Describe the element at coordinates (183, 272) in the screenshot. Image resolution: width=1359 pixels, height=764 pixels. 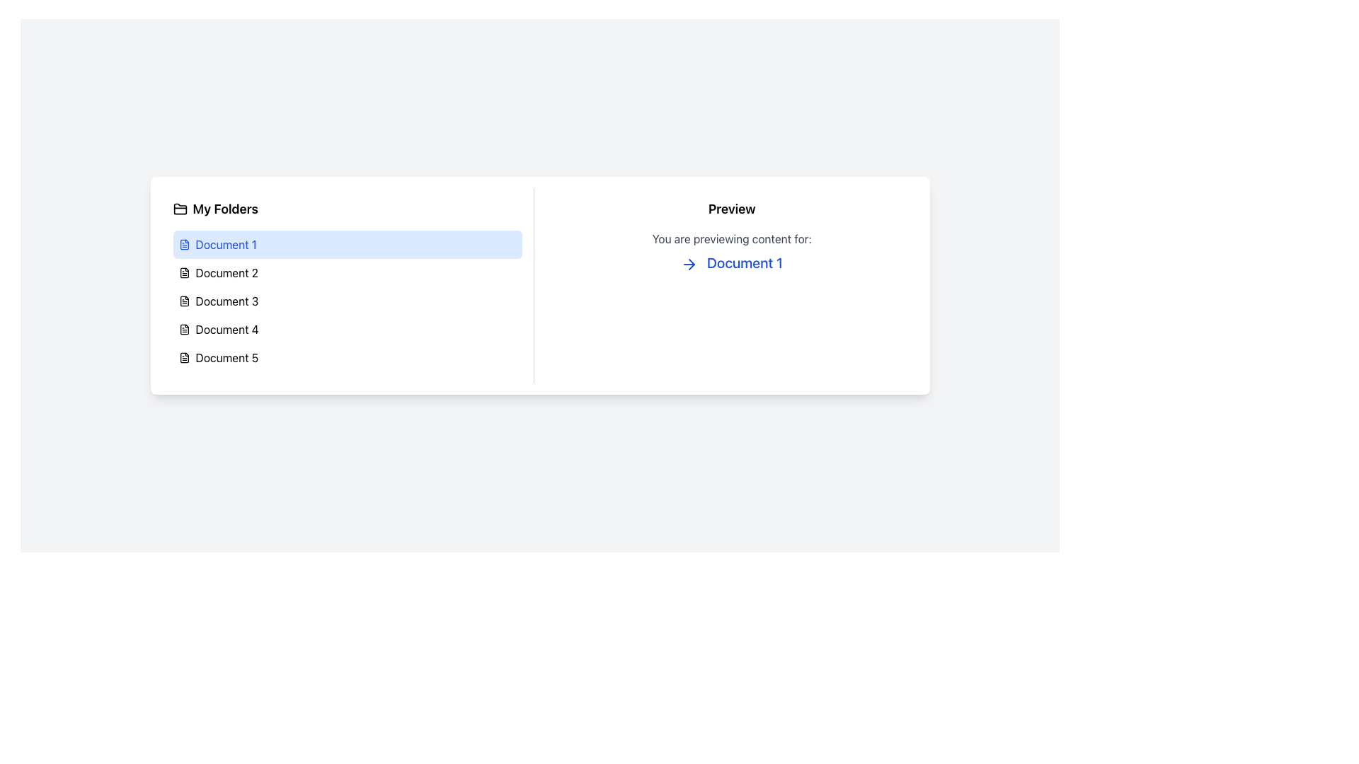
I see `the file/document icon located to the immediate left of the label 'Document 2' in the left panel of the document entries list` at that location.